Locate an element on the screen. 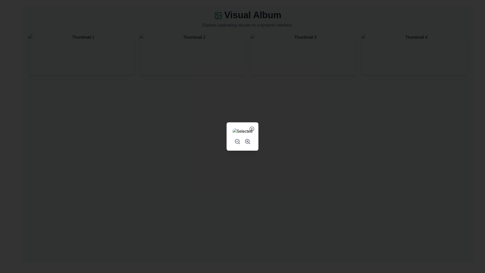  the small circle element that is centrally located within the crossed-circle icon in the upper-right corner of the dialog box is located at coordinates (252, 128).